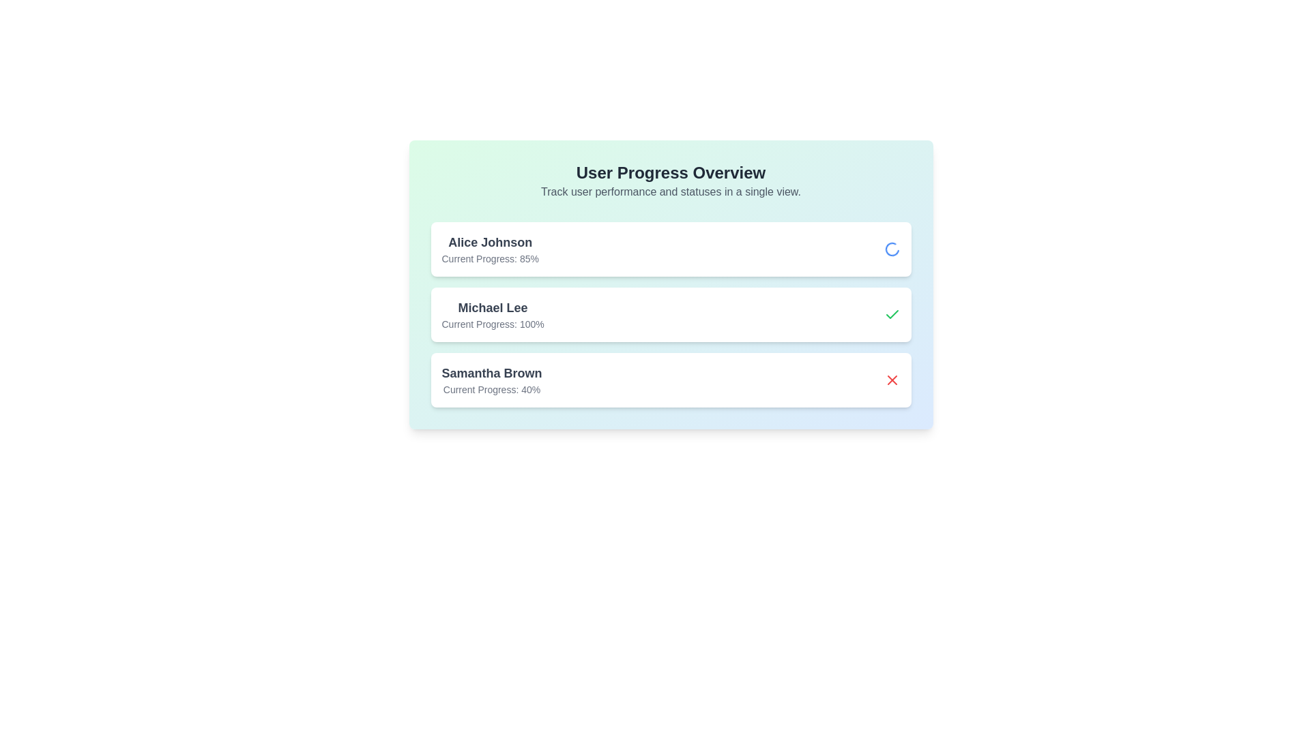 The image size is (1310, 736). I want to click on the green checkmark icon located in the top right corner of the card labeled 'Michael Lee - Current Progress: 100%', so click(892, 315).